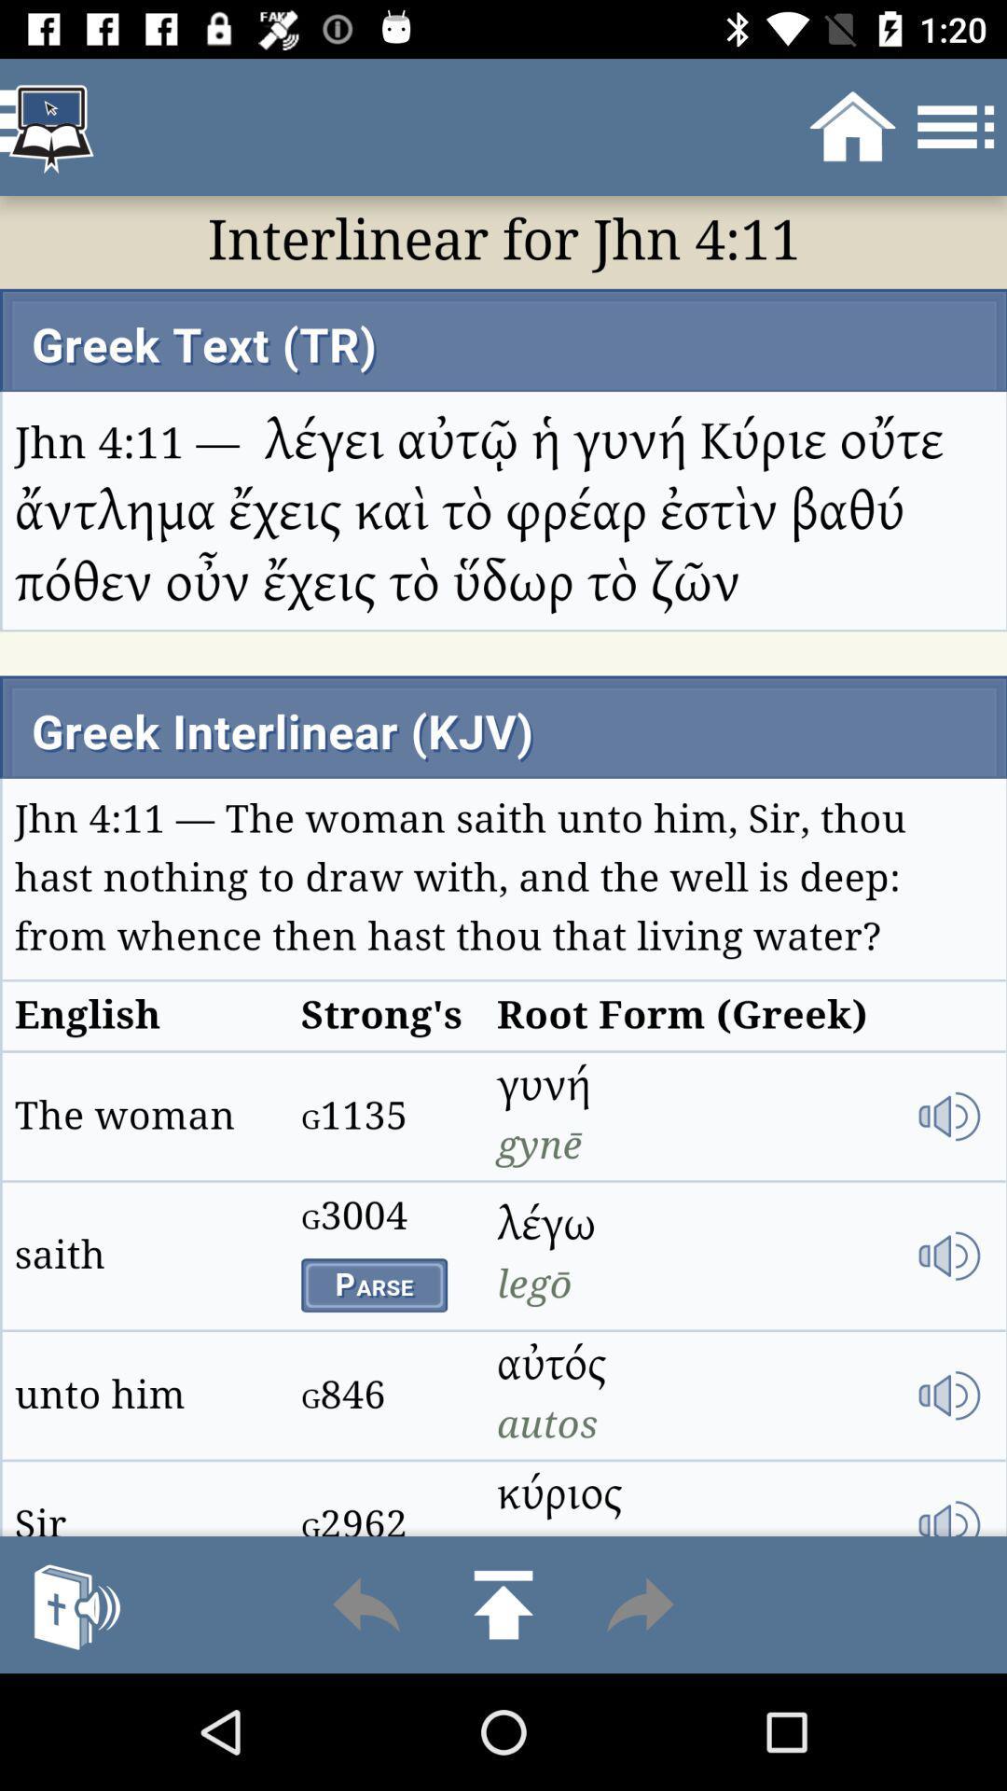 This screenshot has height=1791, width=1007. Describe the element at coordinates (504, 1604) in the screenshot. I see `up arrow botton` at that location.